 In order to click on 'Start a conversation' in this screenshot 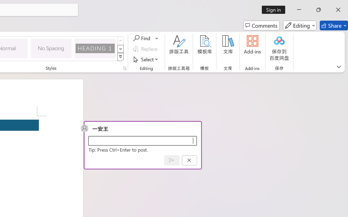, I will do `click(142, 140)`.